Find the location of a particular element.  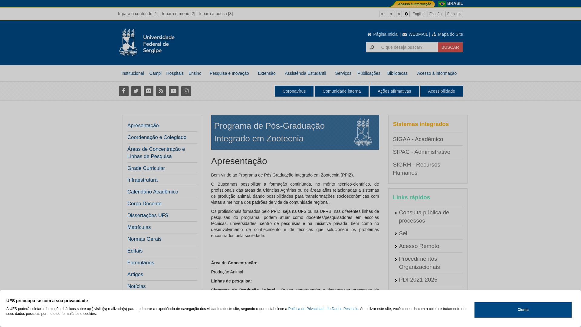

'Procedimentos Organizacionais' is located at coordinates (419, 262).